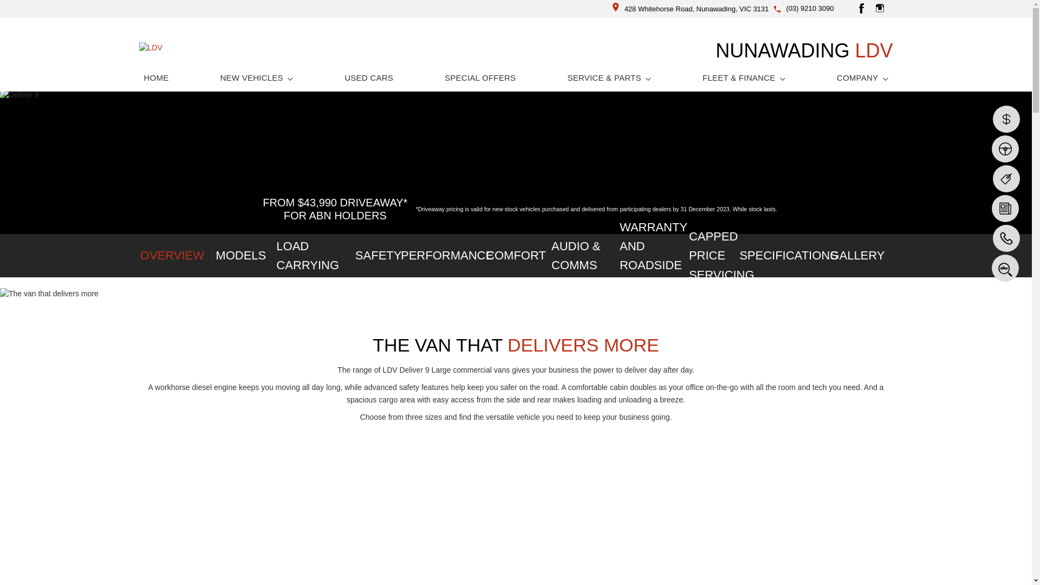 Image resolution: width=1040 pixels, height=585 pixels. I want to click on 'AUDIO & COMMS', so click(584, 255).